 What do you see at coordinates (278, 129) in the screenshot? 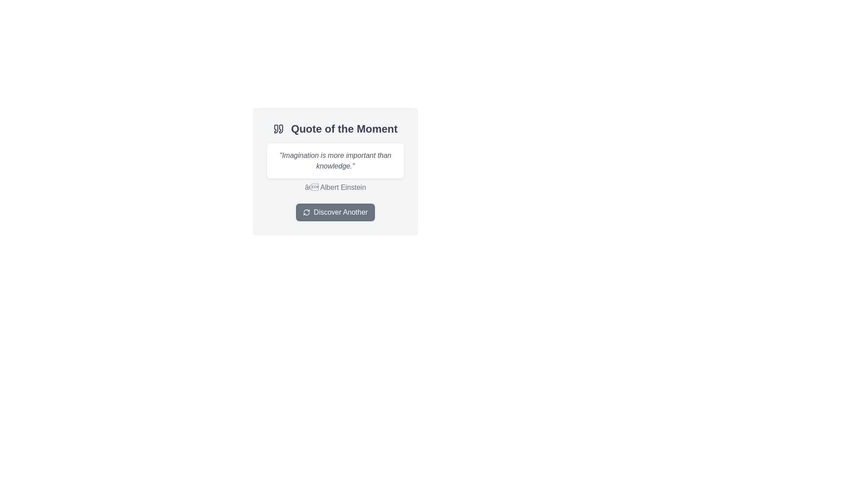
I see `the gray quotation marks icon located to the left of the 'Quote of the Moment' text` at bounding box center [278, 129].